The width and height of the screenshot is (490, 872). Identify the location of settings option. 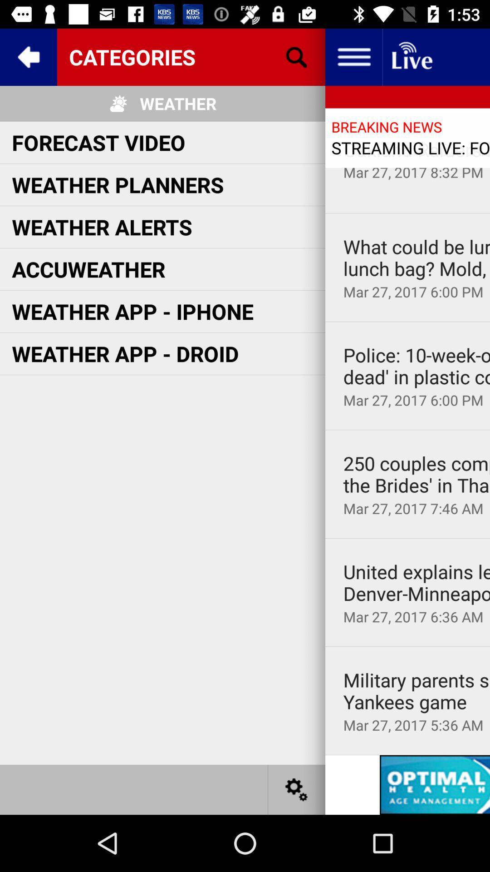
(297, 789).